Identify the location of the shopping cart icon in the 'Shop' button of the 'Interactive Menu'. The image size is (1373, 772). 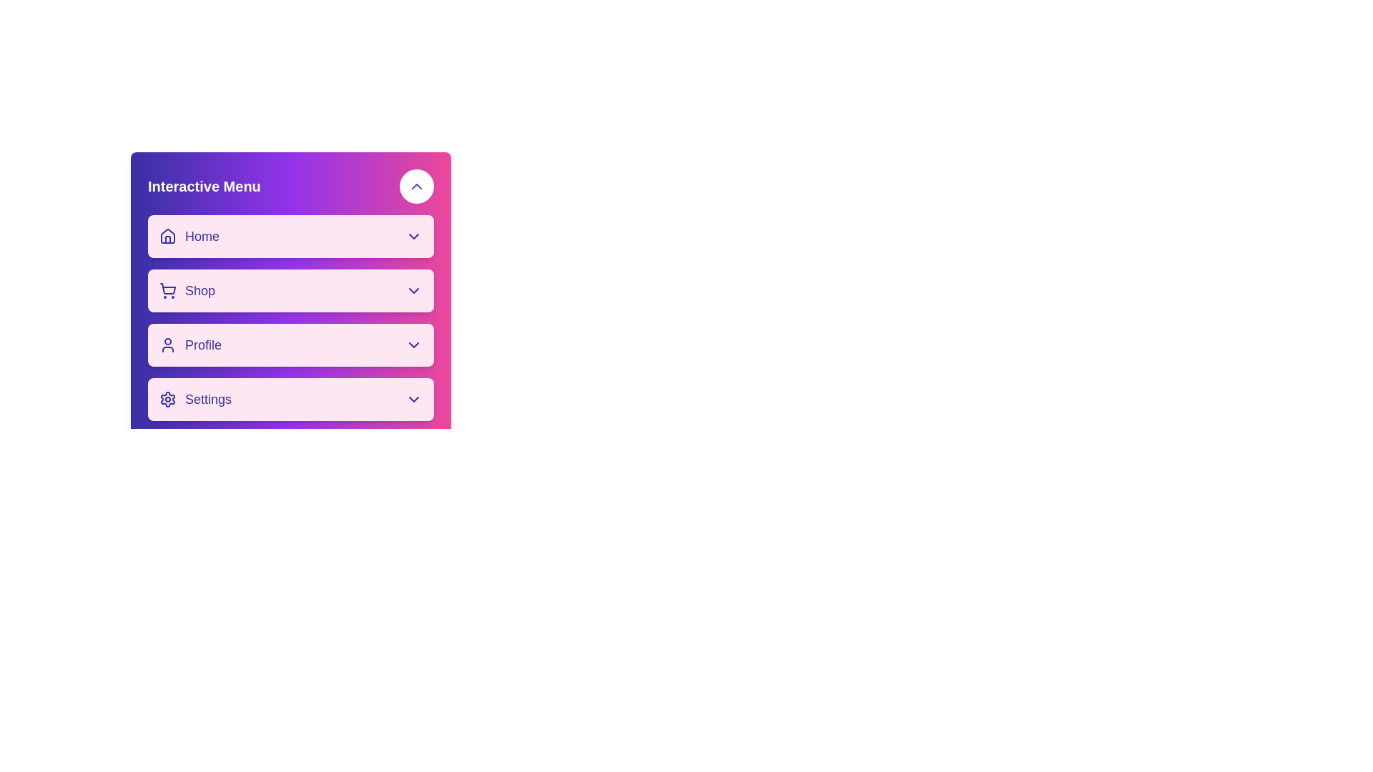
(168, 289).